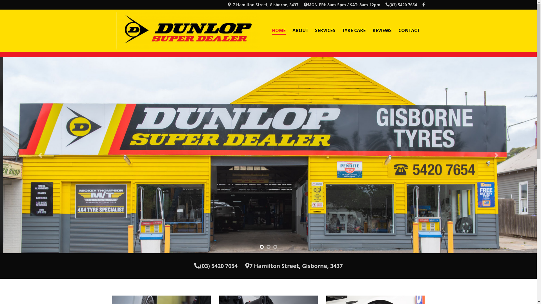 The width and height of the screenshot is (541, 304). I want to click on 'MON-FRI: 8am-5pm / SAT: 8am-12pm', so click(342, 5).